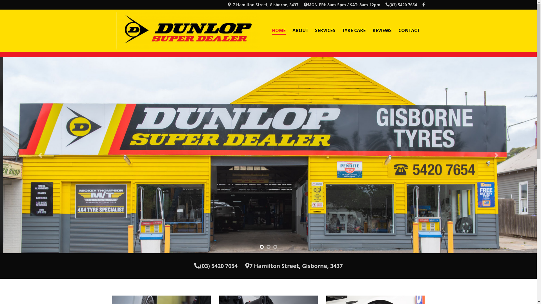 The width and height of the screenshot is (541, 304). I want to click on 'MON-FRI: 8am-5pm / SAT: 8am-12pm', so click(342, 5).